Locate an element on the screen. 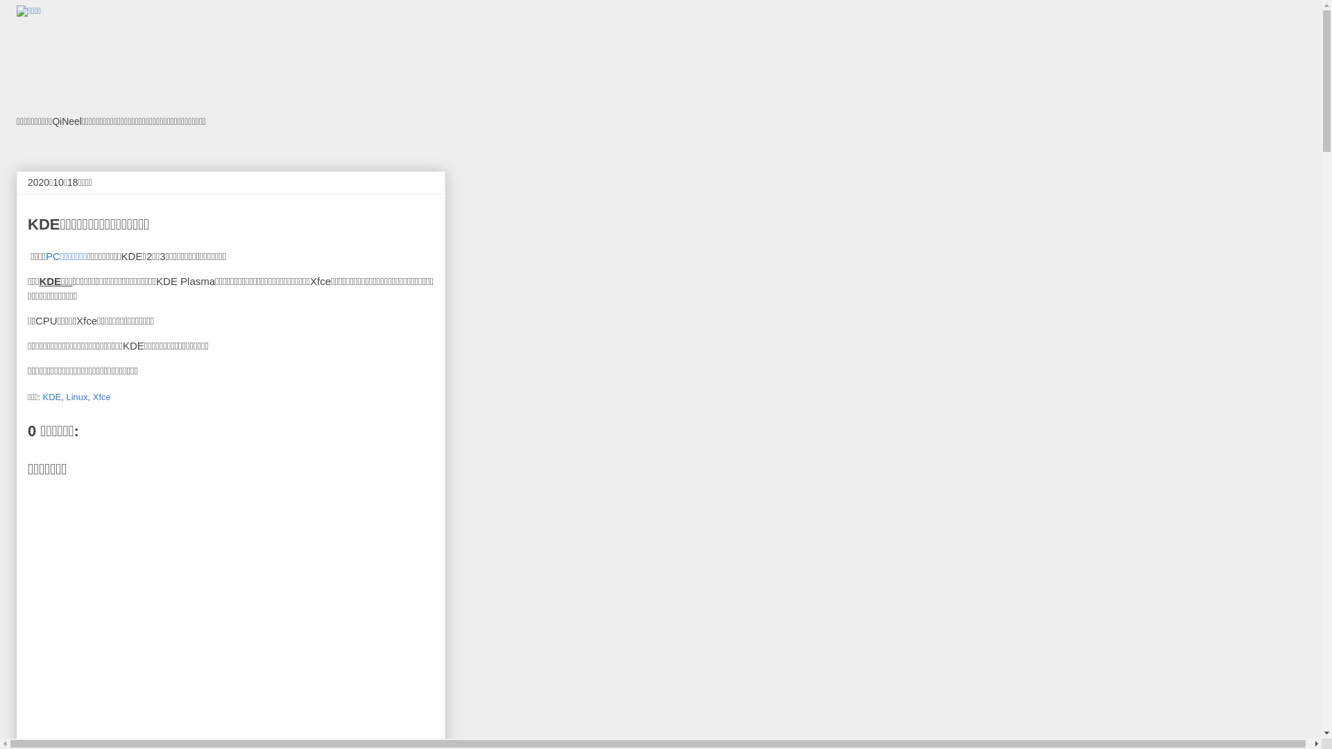 The width and height of the screenshot is (1332, 749). 'Linux' is located at coordinates (76, 396).